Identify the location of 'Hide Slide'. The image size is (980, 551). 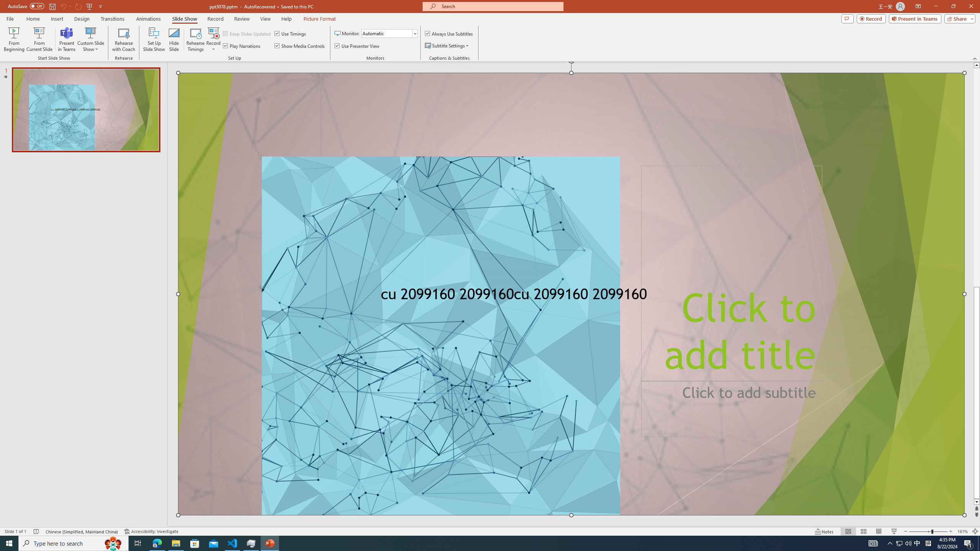
(174, 39).